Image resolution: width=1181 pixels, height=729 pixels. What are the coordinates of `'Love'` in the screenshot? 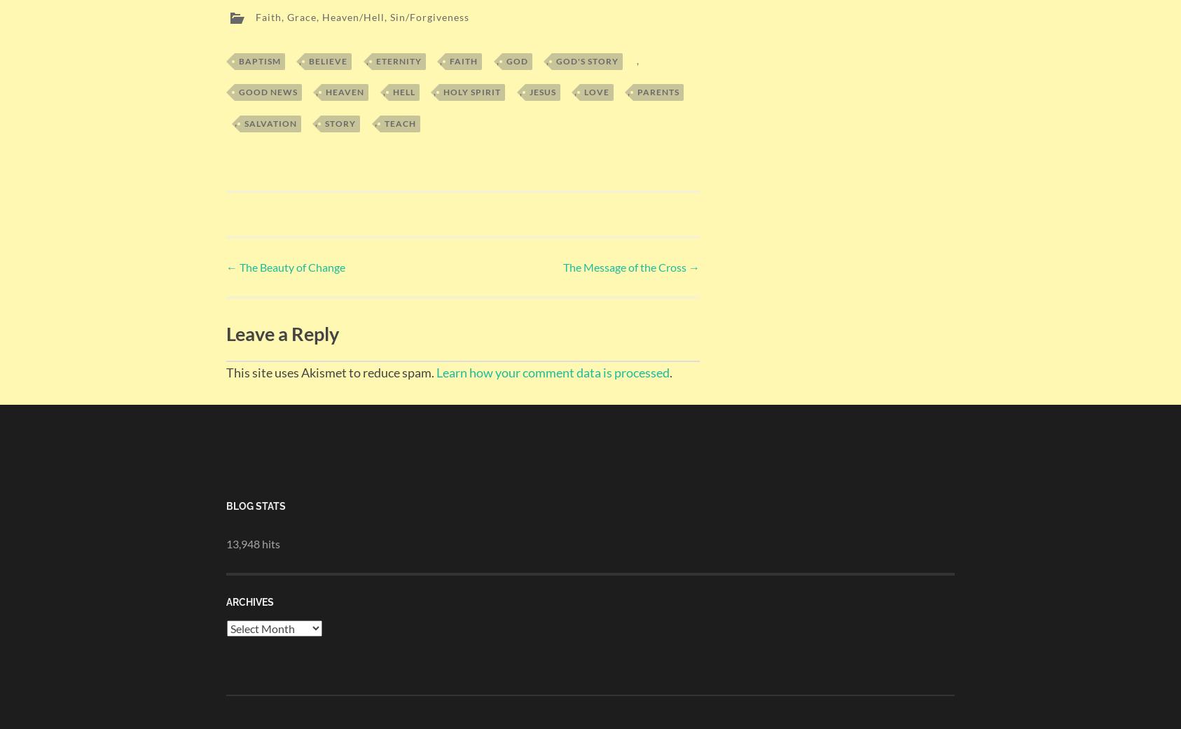 It's located at (595, 88).